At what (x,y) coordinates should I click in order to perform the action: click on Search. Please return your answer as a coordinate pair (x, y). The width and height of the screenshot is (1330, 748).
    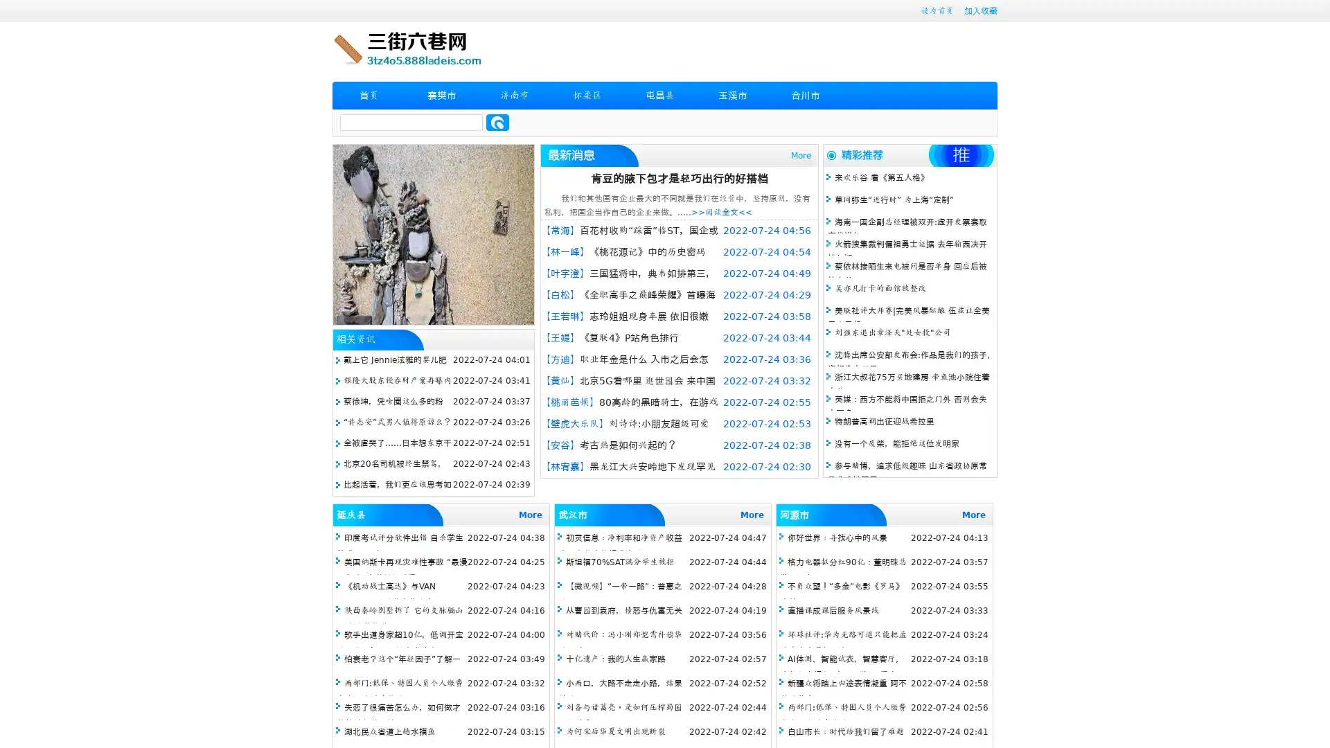
    Looking at the image, I should click on (497, 122).